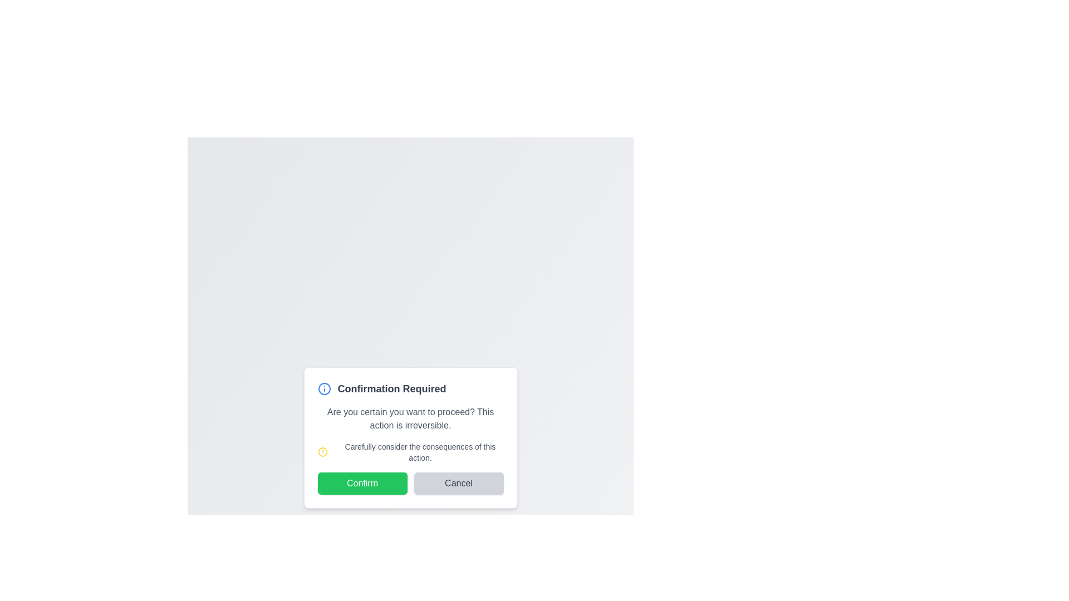 Image resolution: width=1069 pixels, height=601 pixels. Describe the element at coordinates (322, 452) in the screenshot. I see `the warning icon located to the far left of the warning message 'Carefully consider the consequences of this action' in the confirmation dialog box` at that location.